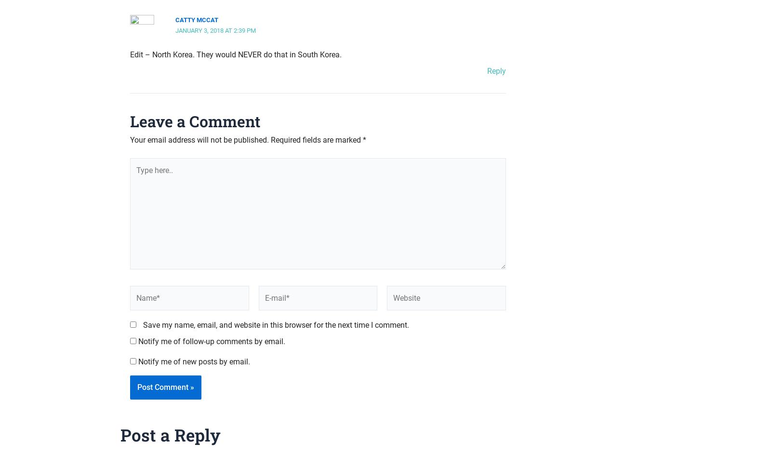 The width and height of the screenshot is (771, 455). Describe the element at coordinates (496, 71) in the screenshot. I see `'Reply'` at that location.